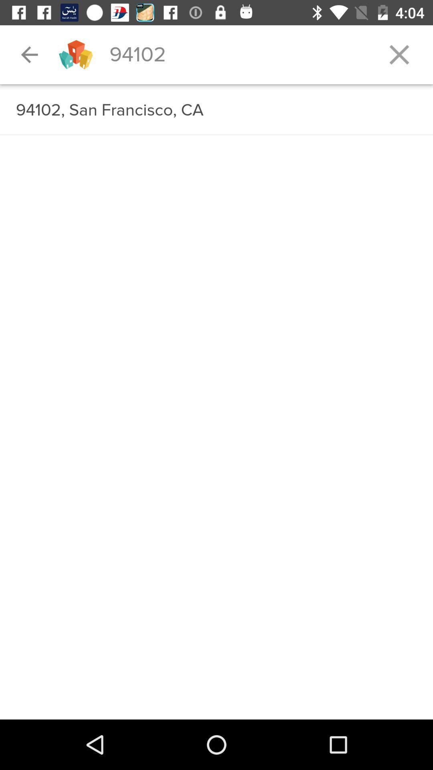 The image size is (433, 770). Describe the element at coordinates (216, 85) in the screenshot. I see `item below the 94102 item` at that location.